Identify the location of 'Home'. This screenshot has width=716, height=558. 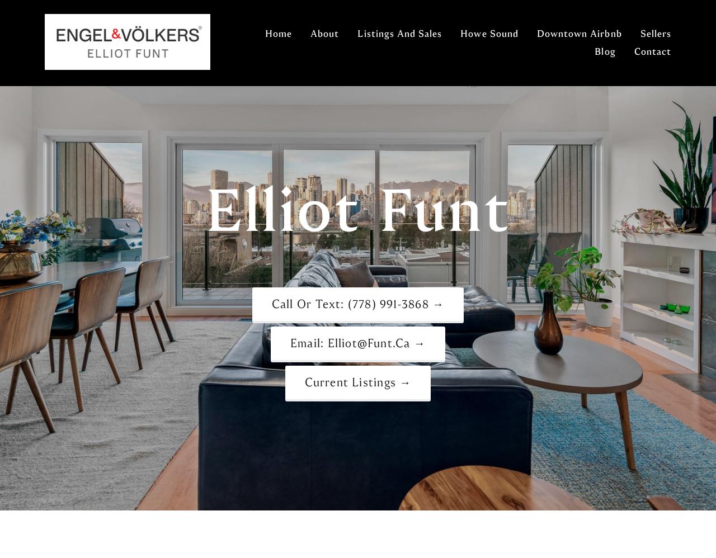
(279, 33).